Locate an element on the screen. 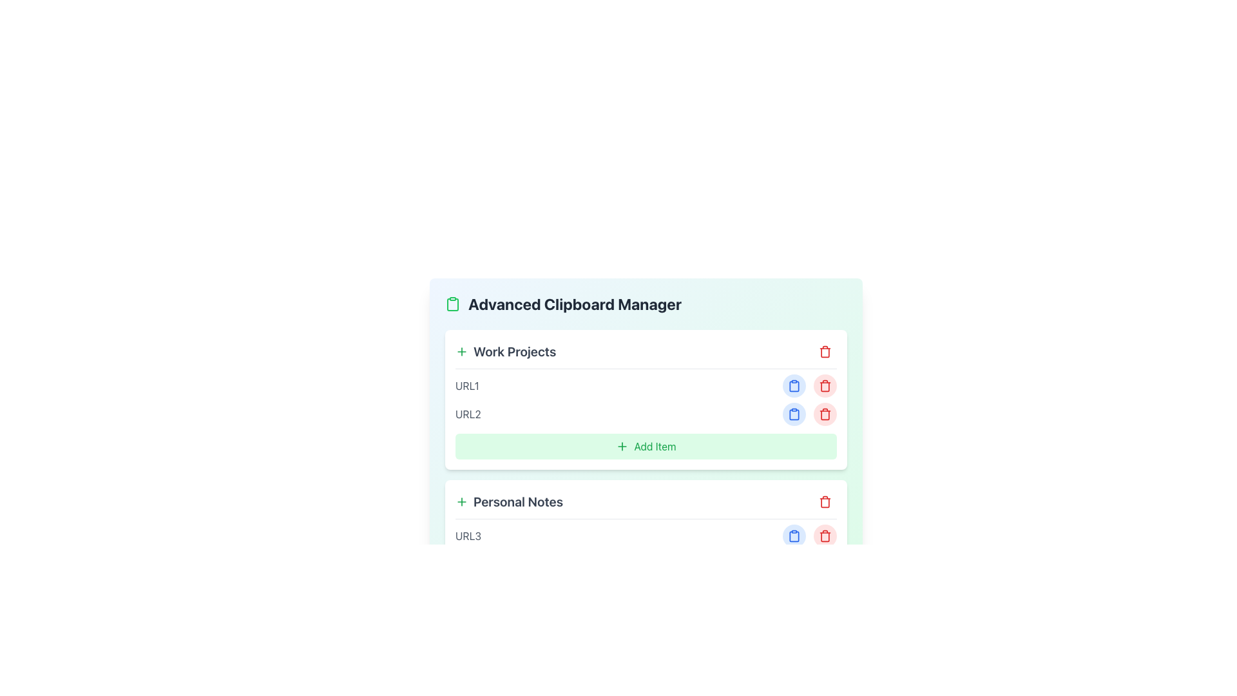  the first circular button located to the right of a listed item under the 'Work Projects' section is located at coordinates (794, 414).